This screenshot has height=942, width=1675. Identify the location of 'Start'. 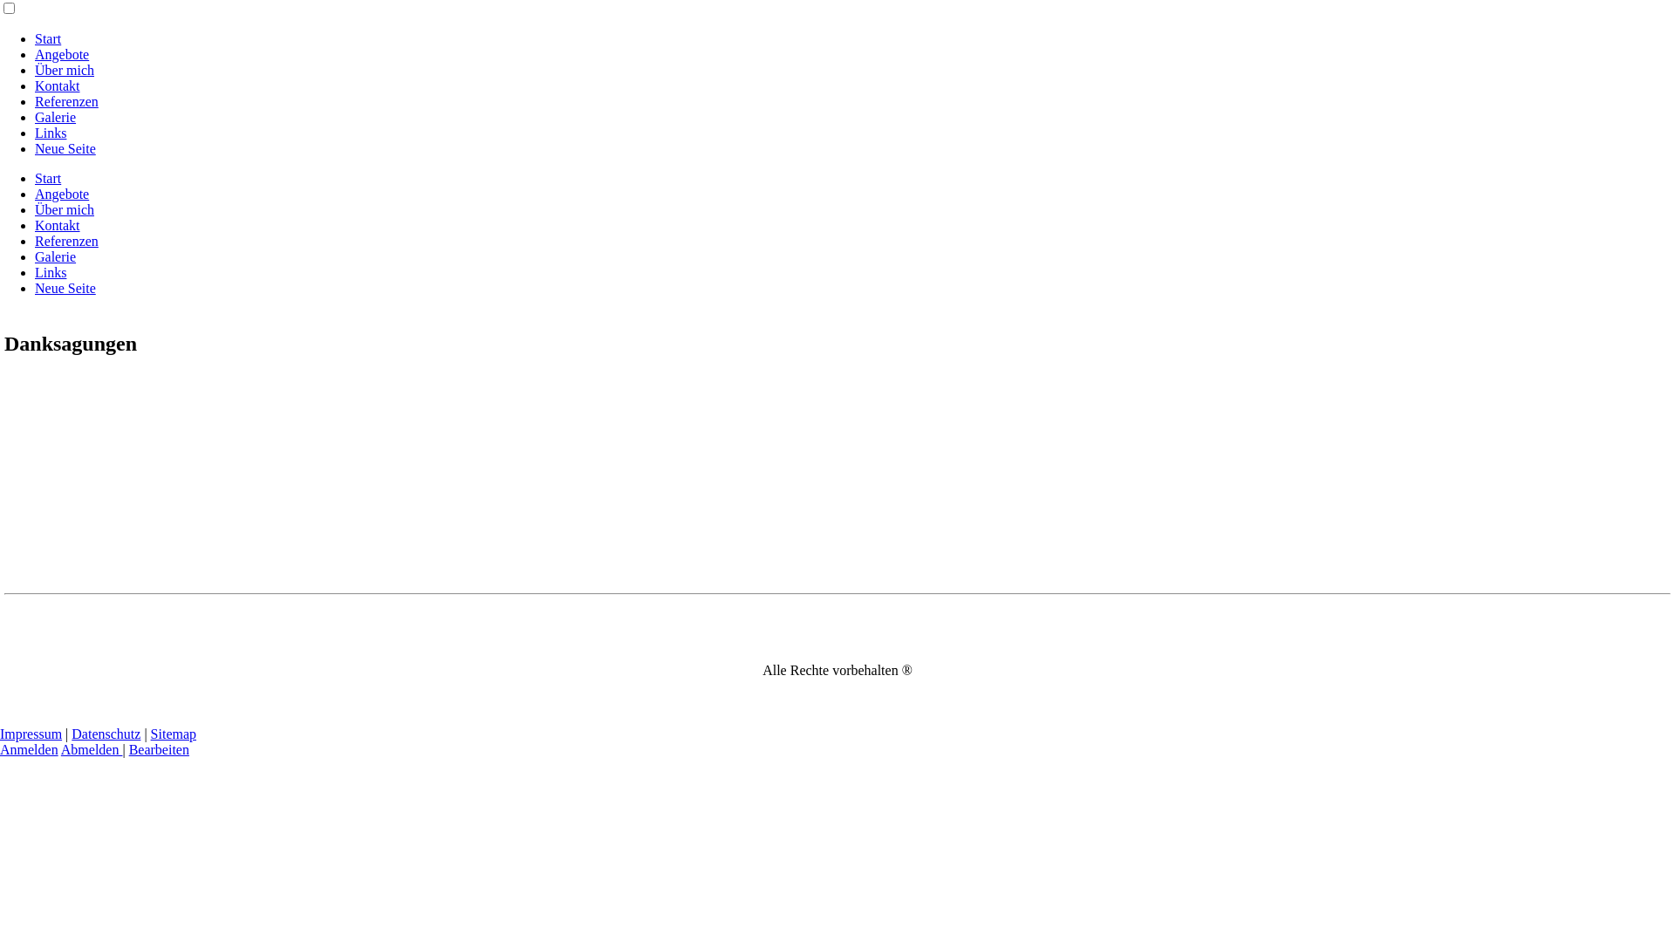
(47, 38).